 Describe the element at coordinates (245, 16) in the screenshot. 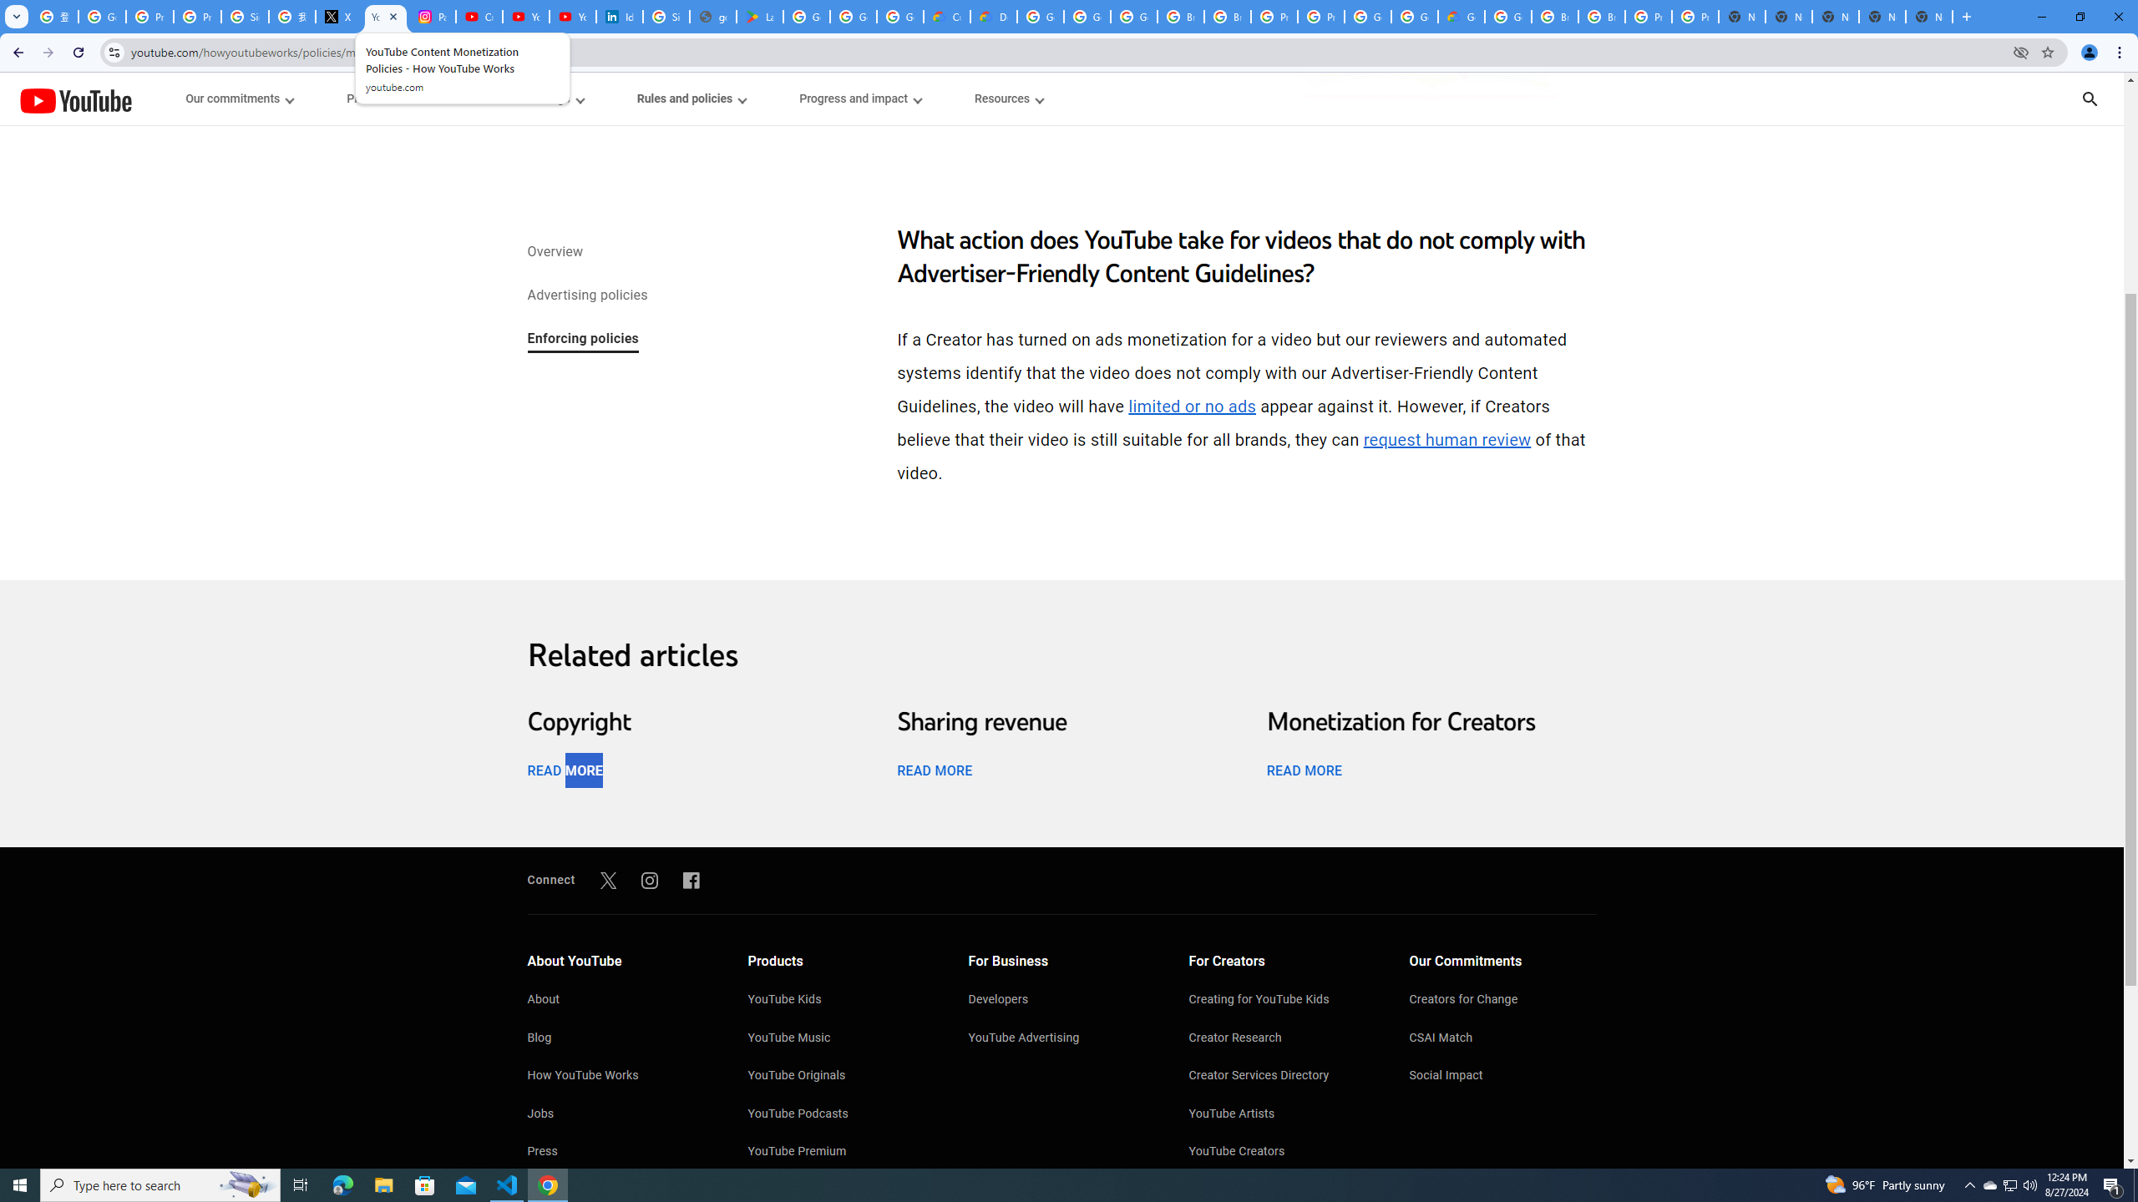

I see `'Sign in - Google Accounts'` at that location.